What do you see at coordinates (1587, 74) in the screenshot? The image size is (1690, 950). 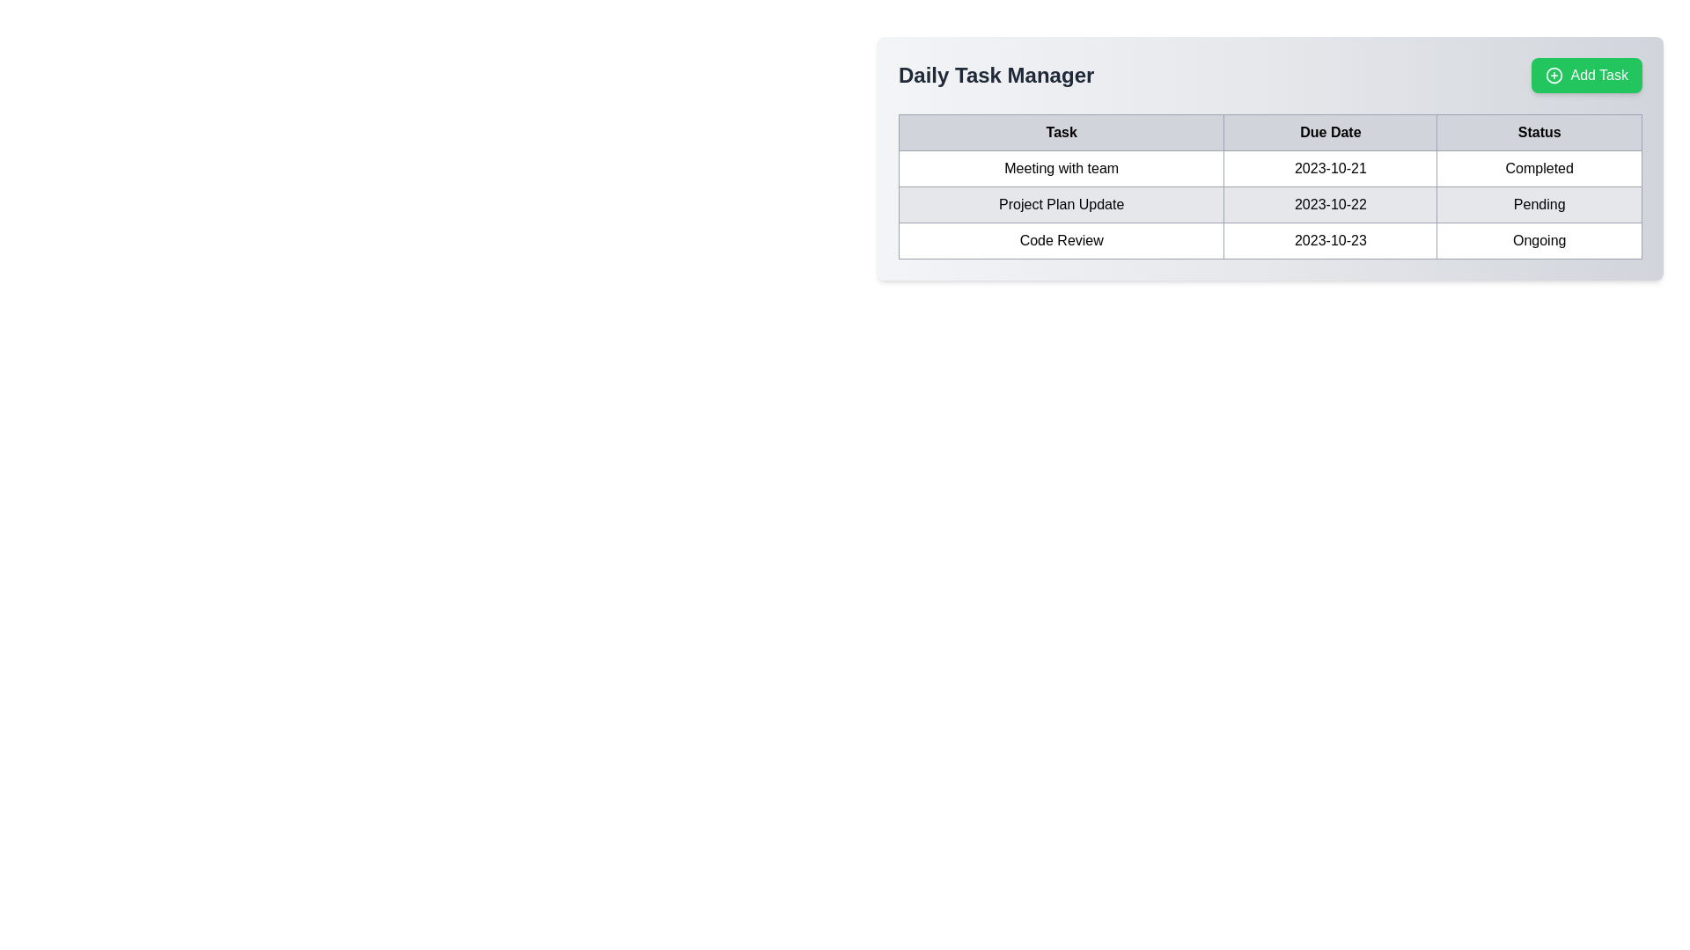 I see `the button that triggers the addition of new tasks in the 'Daily Task Manager' section to prepare for navigation` at bounding box center [1587, 74].